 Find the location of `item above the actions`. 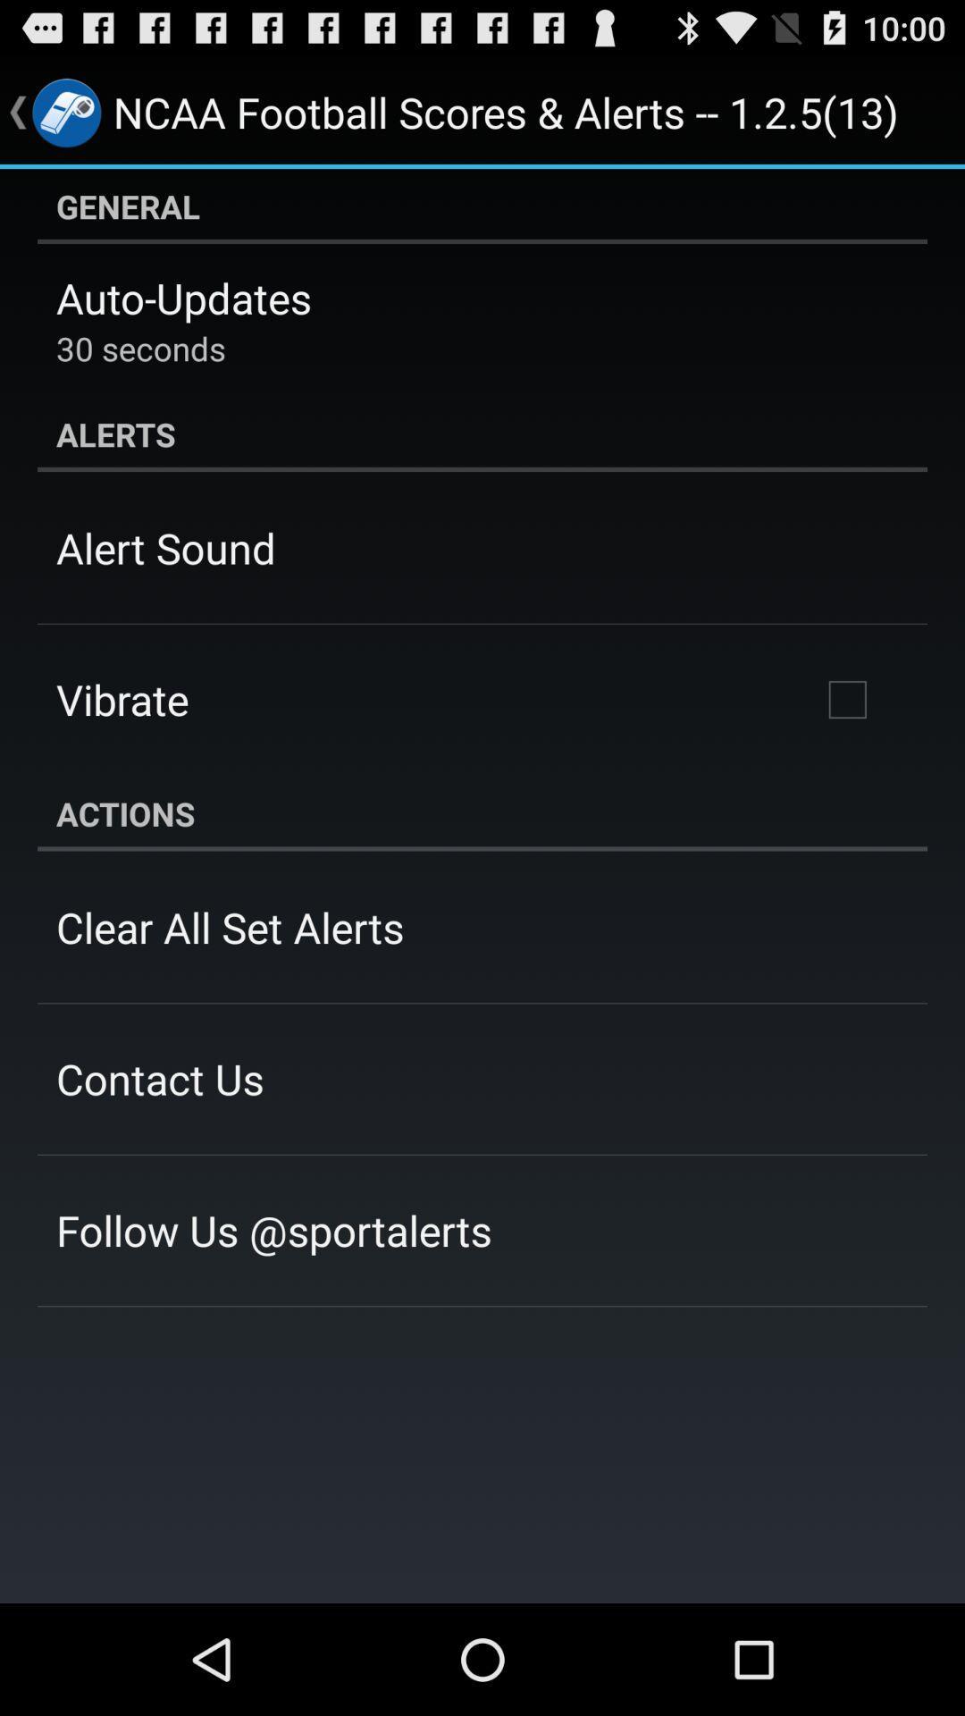

item above the actions is located at coordinates (846, 698).